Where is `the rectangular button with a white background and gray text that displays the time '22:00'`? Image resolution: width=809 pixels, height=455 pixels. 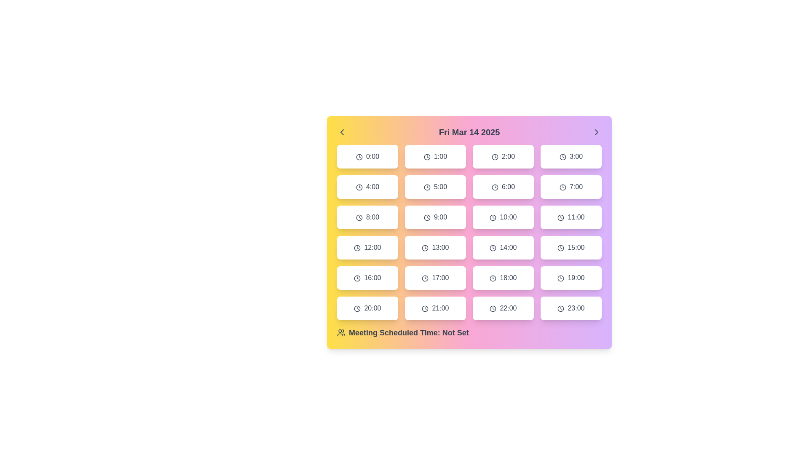 the rectangular button with a white background and gray text that displays the time '22:00' is located at coordinates (503, 308).